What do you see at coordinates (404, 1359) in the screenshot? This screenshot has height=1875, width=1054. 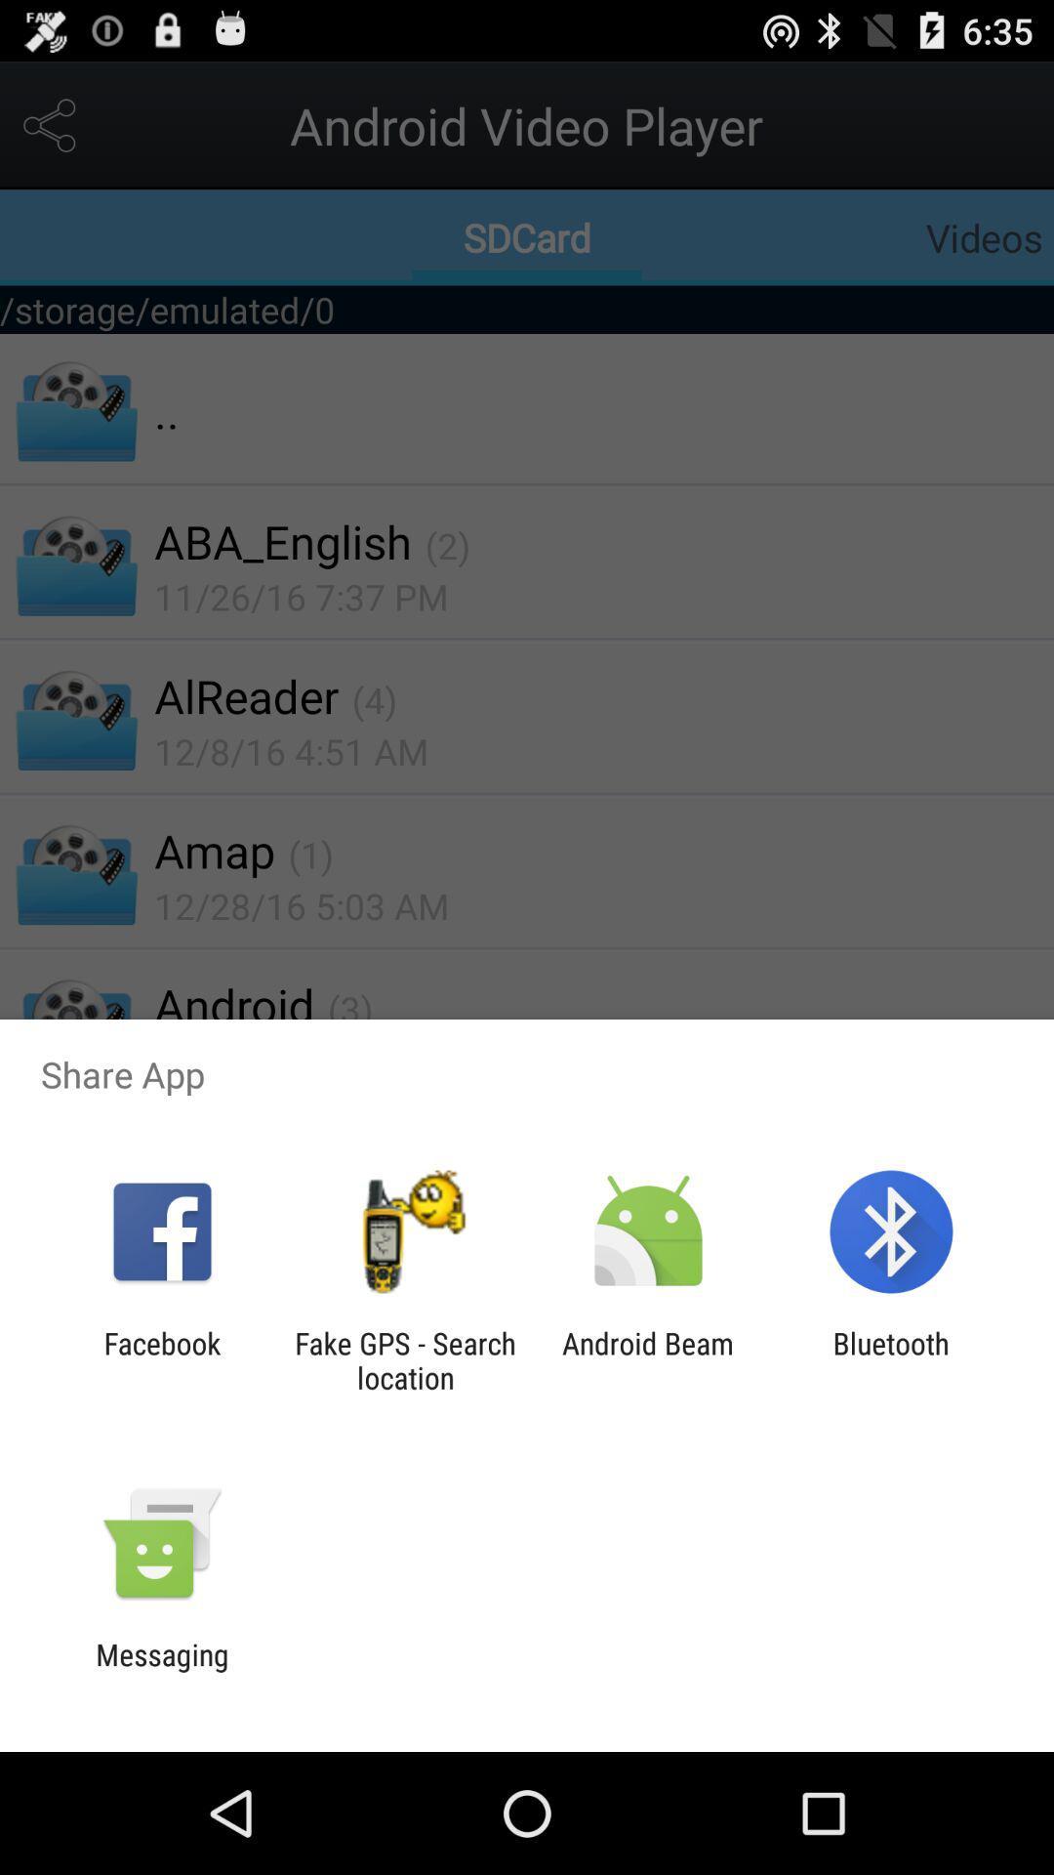 I see `item next to the android beam icon` at bounding box center [404, 1359].